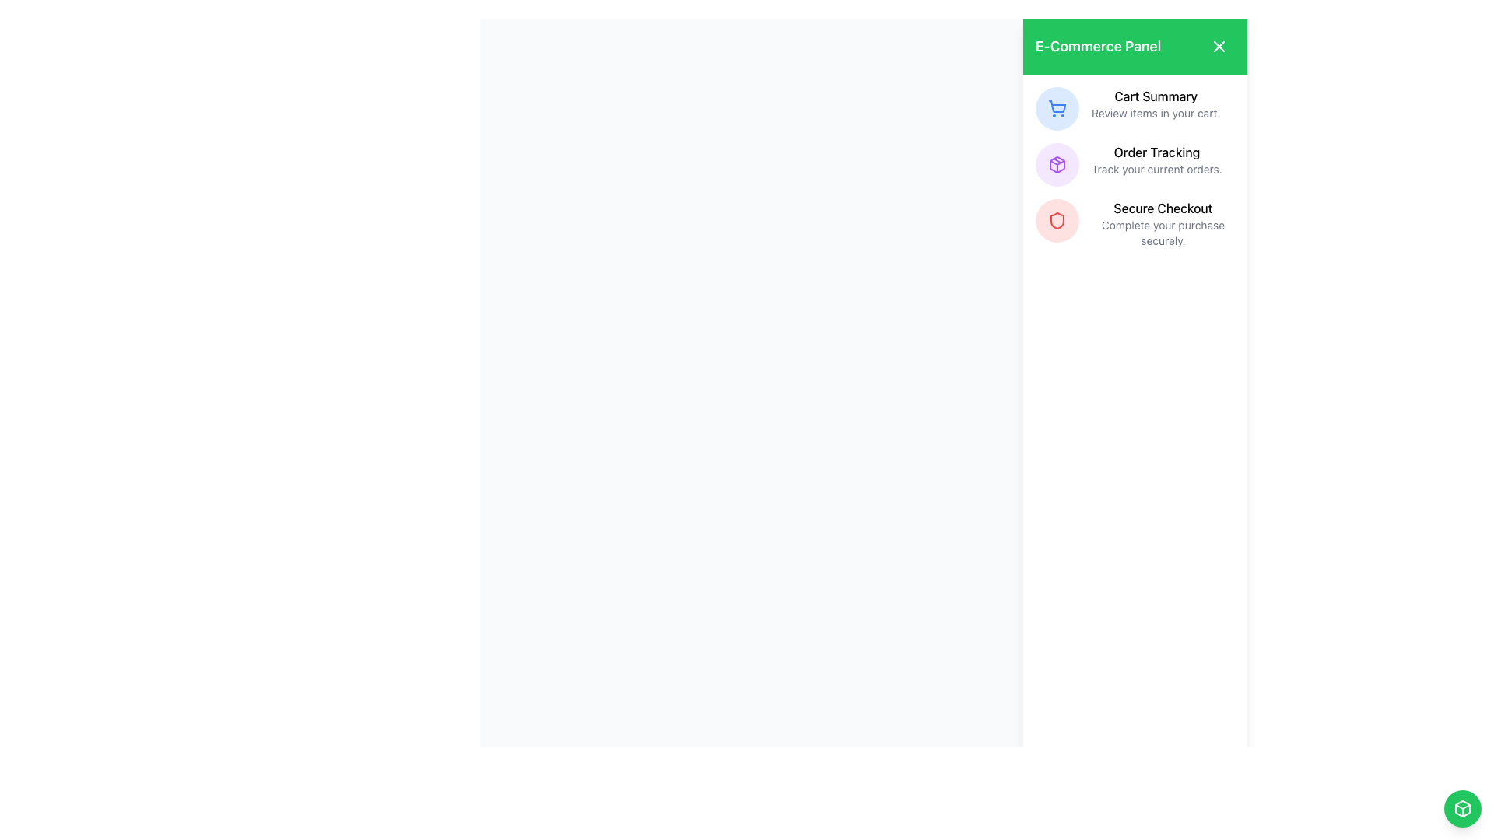 This screenshot has width=1494, height=840. Describe the element at coordinates (1057, 221) in the screenshot. I see `the security icon located in the right panel, specifically the third item in a vertical list` at that location.